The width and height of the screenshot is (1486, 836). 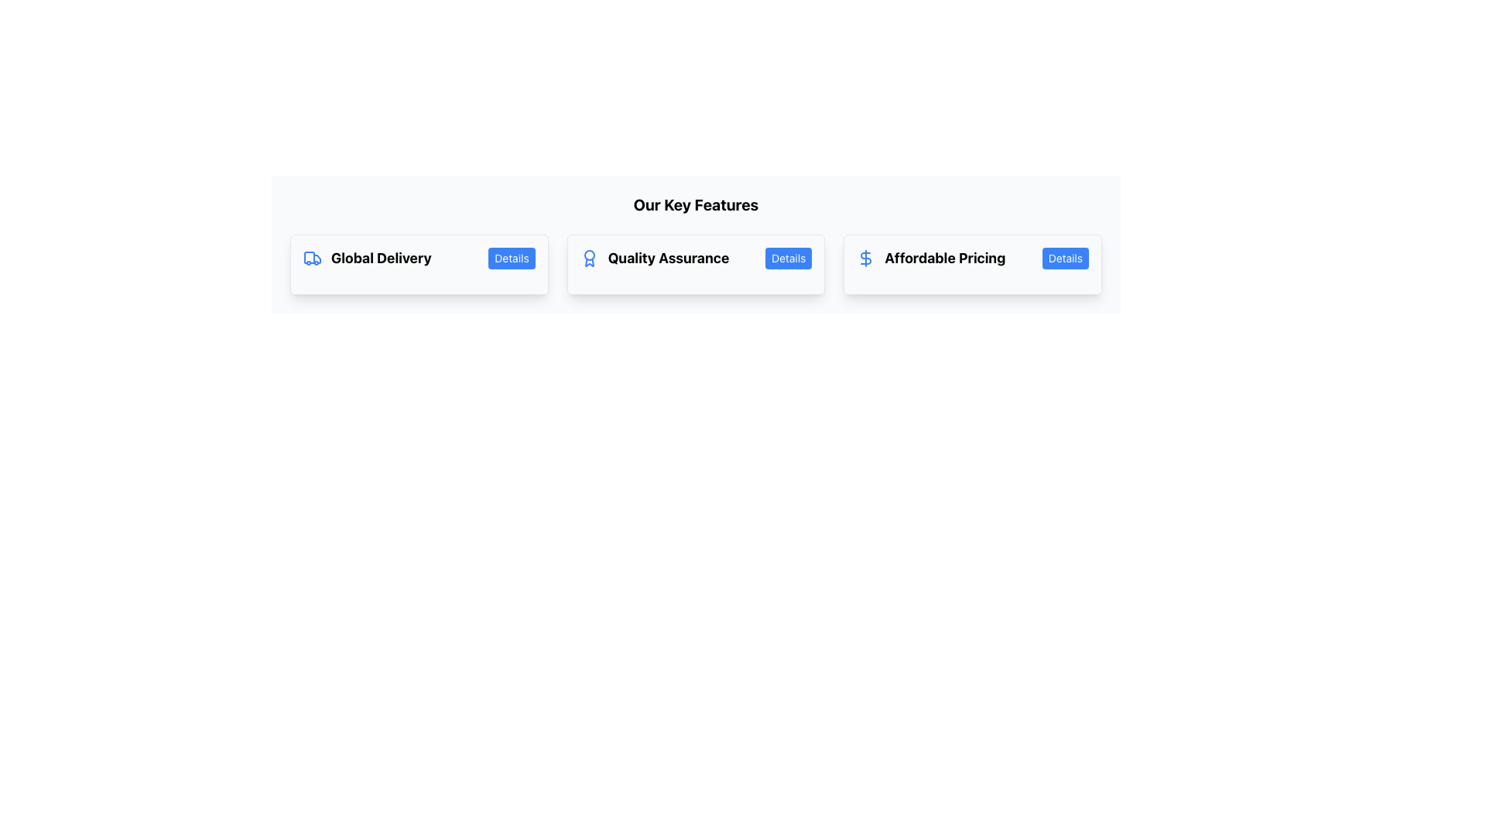 I want to click on the 'Quality Assurance' icon located to the left of the text 'Quality Assurance' within the central card component, so click(x=588, y=258).